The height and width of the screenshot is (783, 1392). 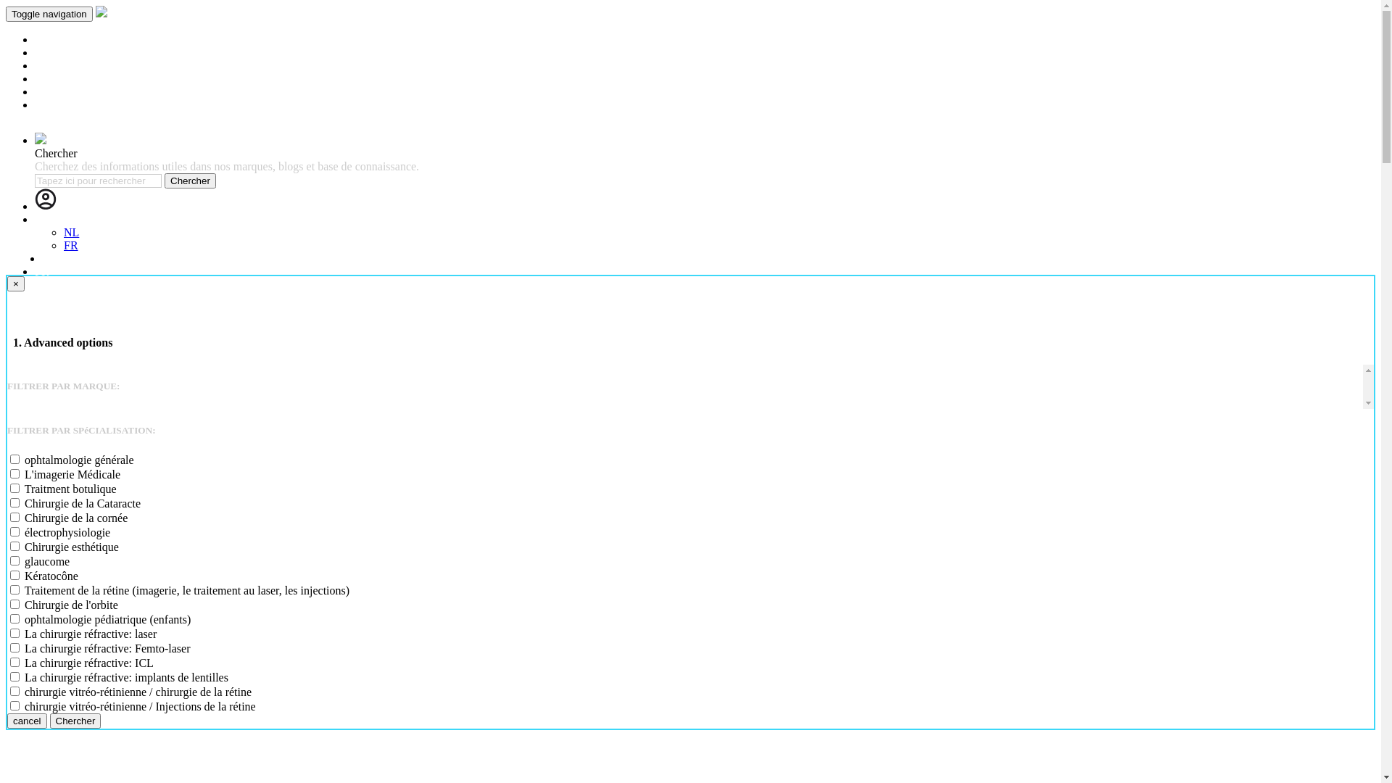 I want to click on 'Toggle navigation', so click(x=49, y=14).